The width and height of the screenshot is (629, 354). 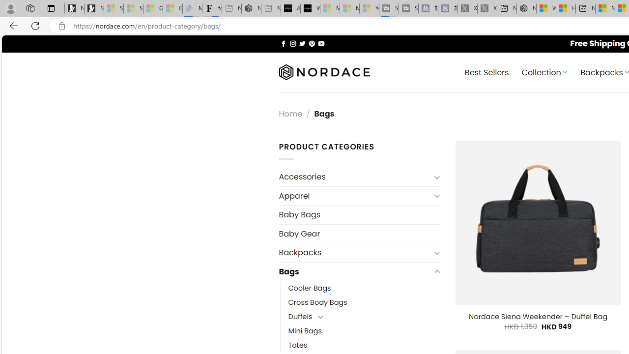 I want to click on 'Apparel', so click(x=354, y=196).